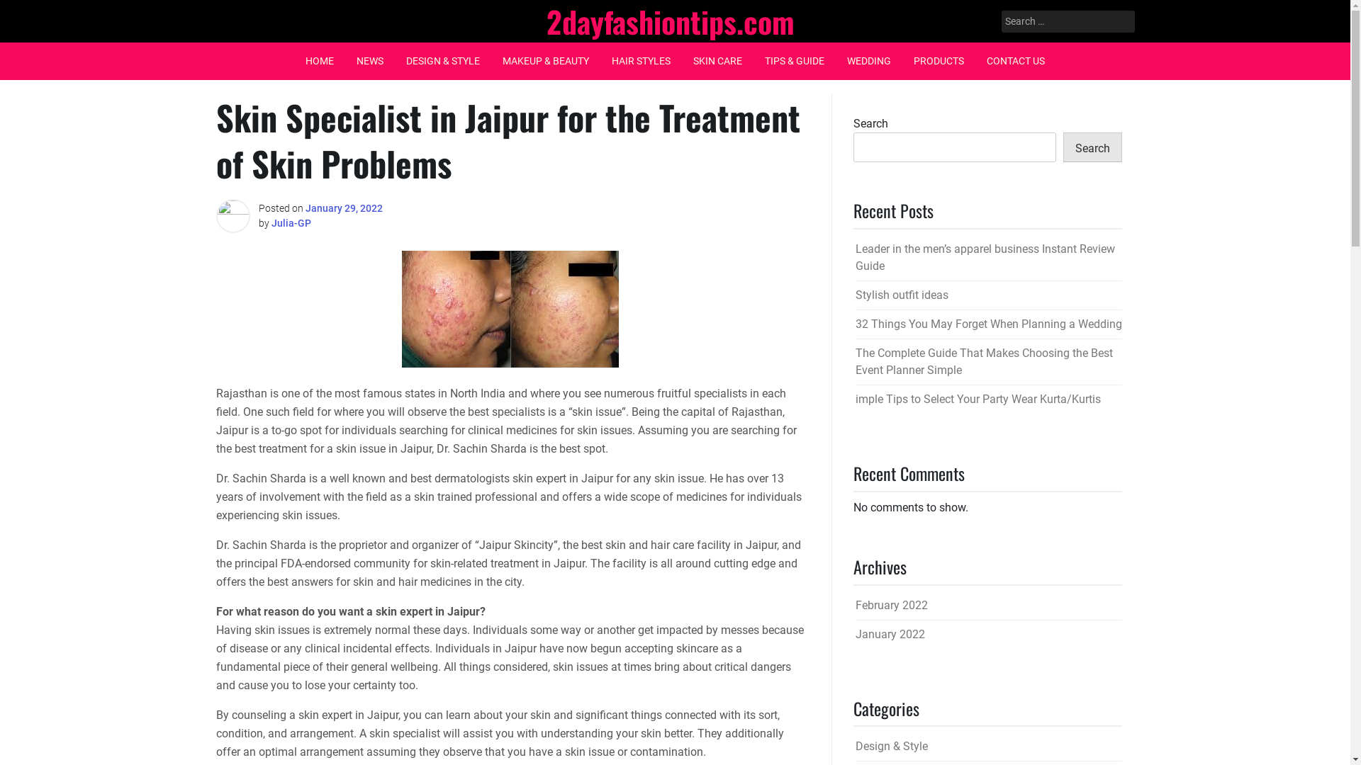  What do you see at coordinates (343, 208) in the screenshot?
I see `'January 29, 2022'` at bounding box center [343, 208].